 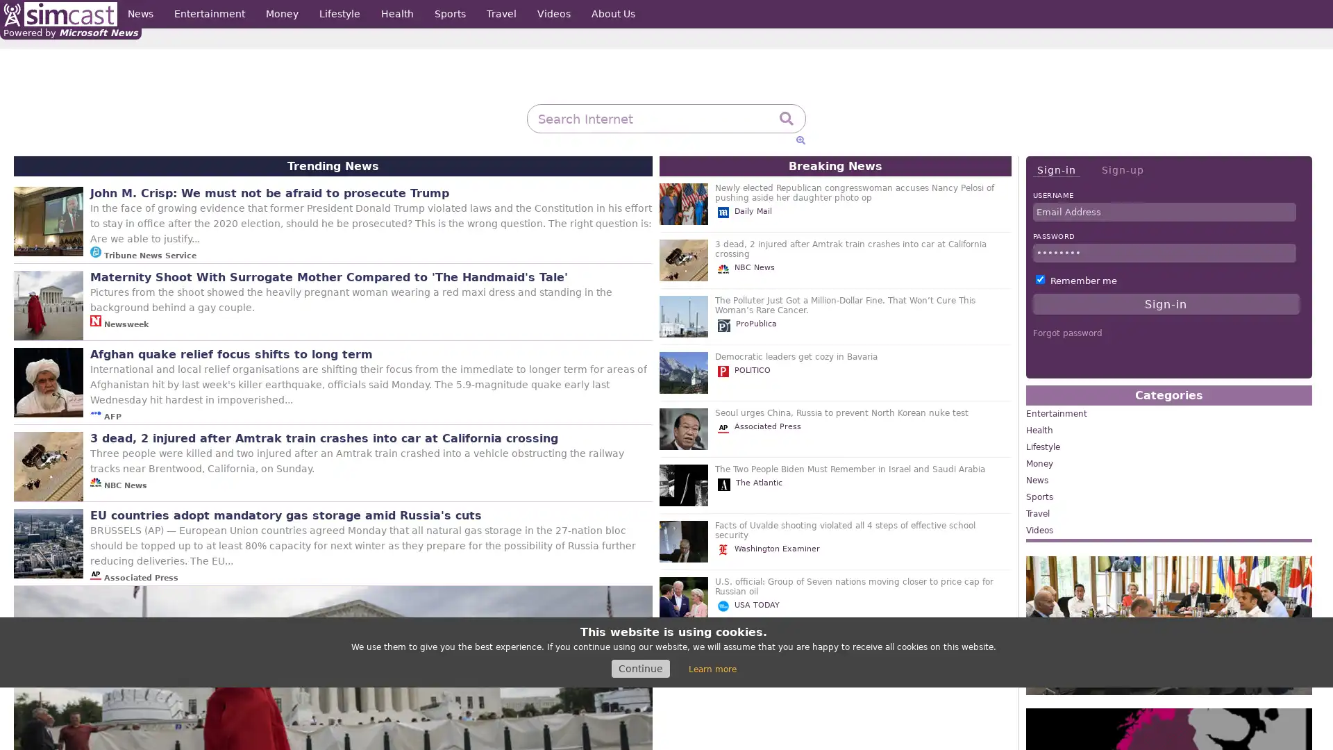 I want to click on Sign-in, so click(x=1166, y=303).